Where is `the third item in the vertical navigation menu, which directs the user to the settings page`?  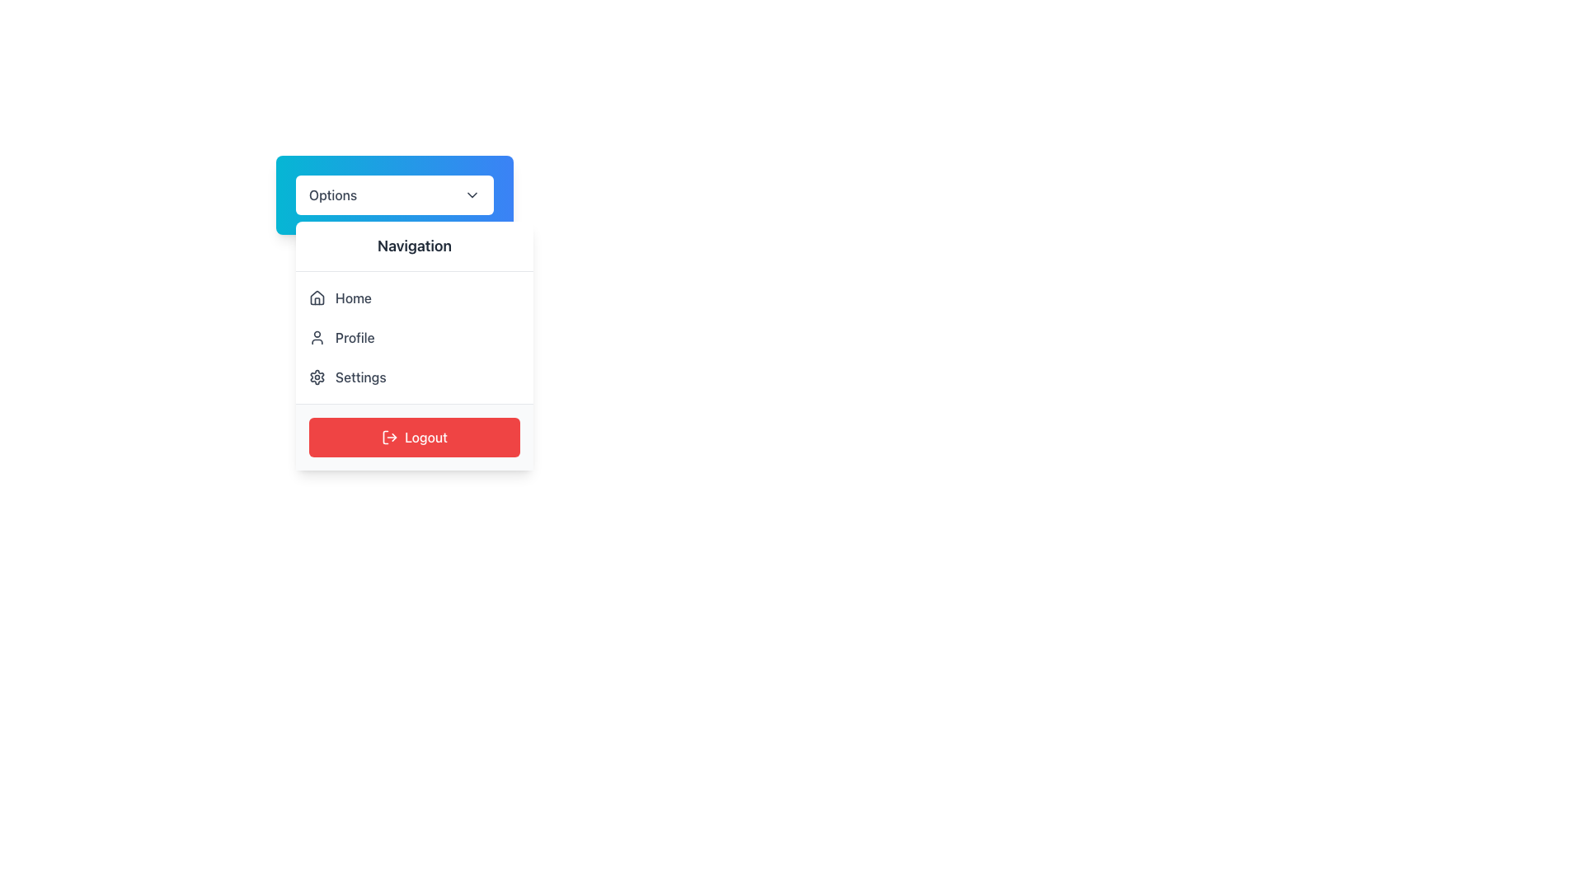 the third item in the vertical navigation menu, which directs the user to the settings page is located at coordinates (415, 377).